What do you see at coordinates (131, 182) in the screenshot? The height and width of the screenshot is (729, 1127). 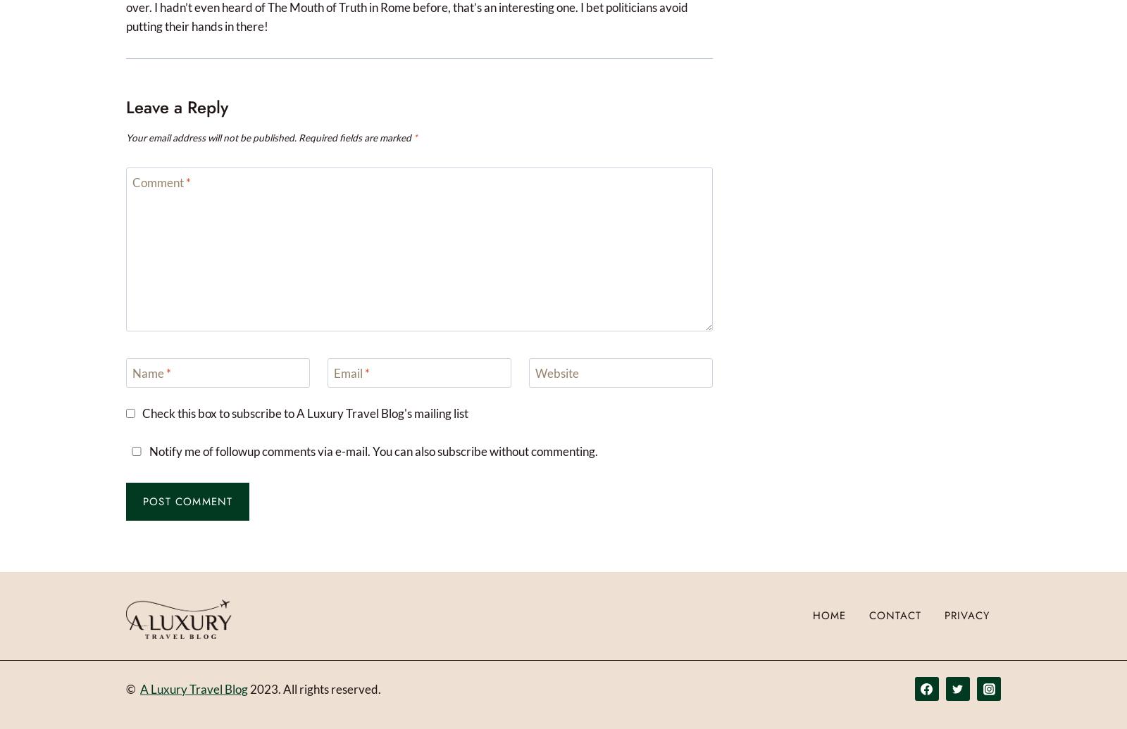 I see `'Comment'` at bounding box center [131, 182].